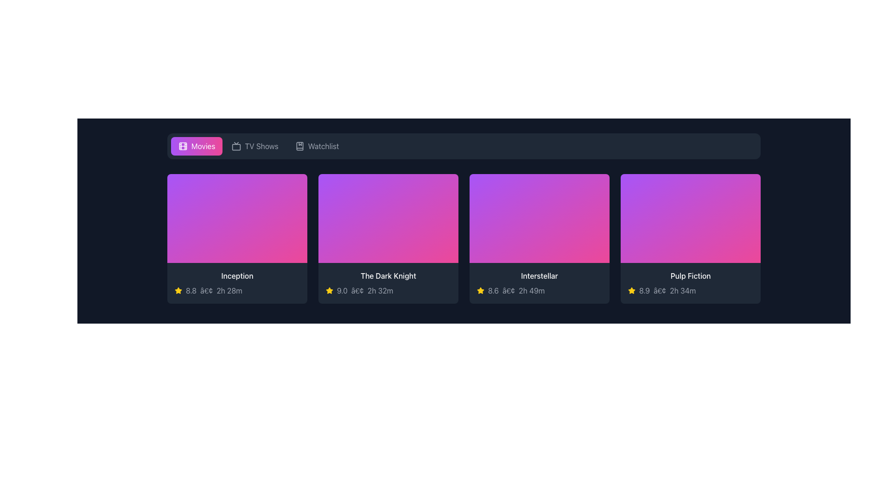 Image resolution: width=890 pixels, height=500 pixels. What do you see at coordinates (539, 290) in the screenshot?
I see `the text with rating '8.6' and duration '2h 49m' below the title 'Interstellar', styled with gray text and a yellow star icon` at bounding box center [539, 290].